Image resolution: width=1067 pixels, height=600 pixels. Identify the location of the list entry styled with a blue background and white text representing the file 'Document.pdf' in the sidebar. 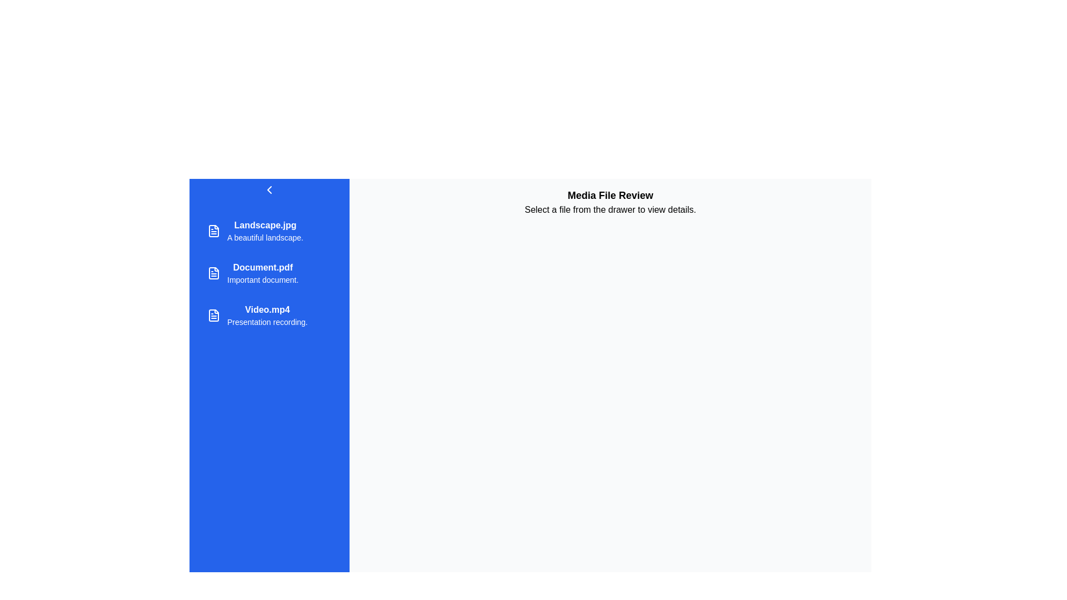
(269, 273).